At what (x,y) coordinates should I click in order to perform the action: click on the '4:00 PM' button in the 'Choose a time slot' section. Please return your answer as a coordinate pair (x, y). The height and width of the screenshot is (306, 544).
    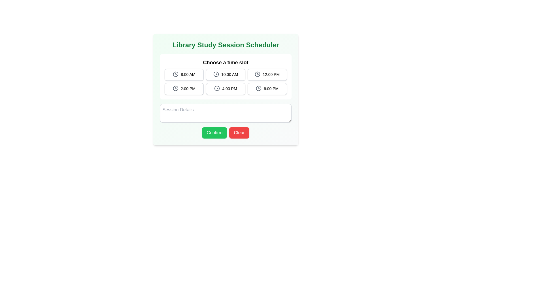
    Looking at the image, I should click on (225, 89).